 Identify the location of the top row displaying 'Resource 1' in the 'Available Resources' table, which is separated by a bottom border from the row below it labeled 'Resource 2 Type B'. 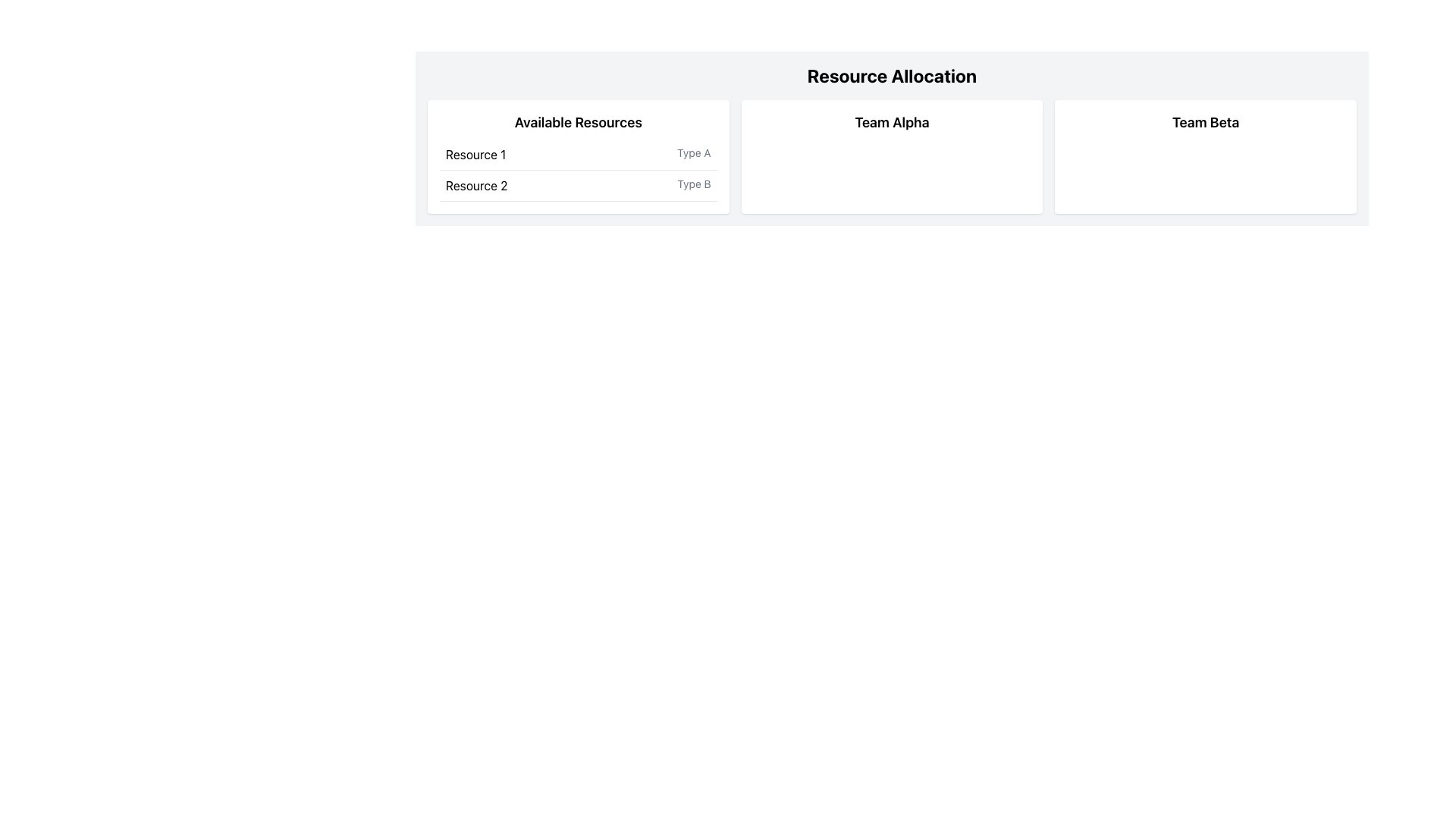
(577, 155).